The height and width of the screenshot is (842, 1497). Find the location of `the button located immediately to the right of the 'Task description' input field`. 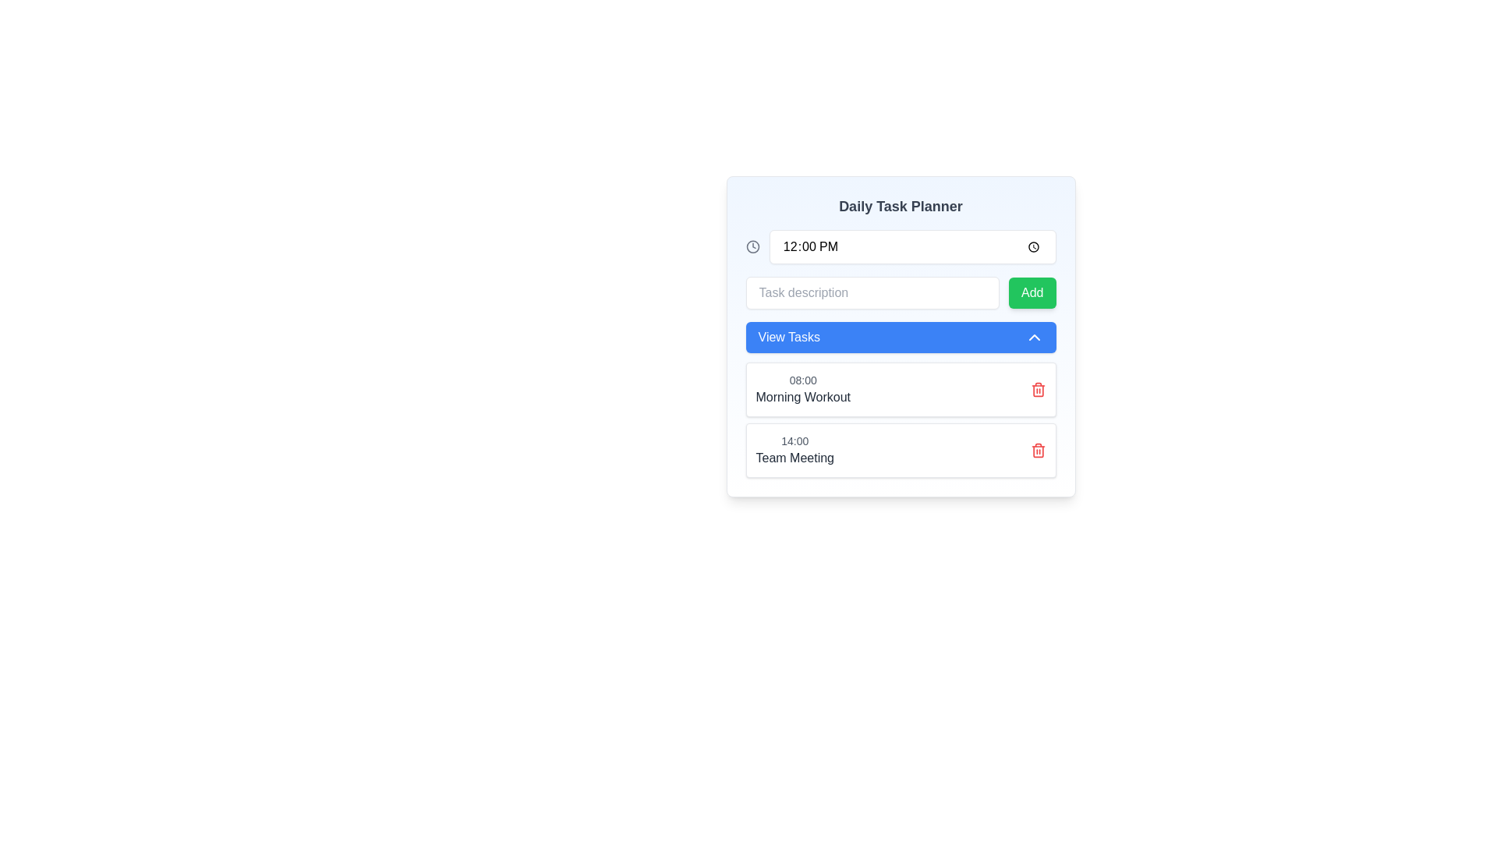

the button located immediately to the right of the 'Task description' input field is located at coordinates (1032, 292).